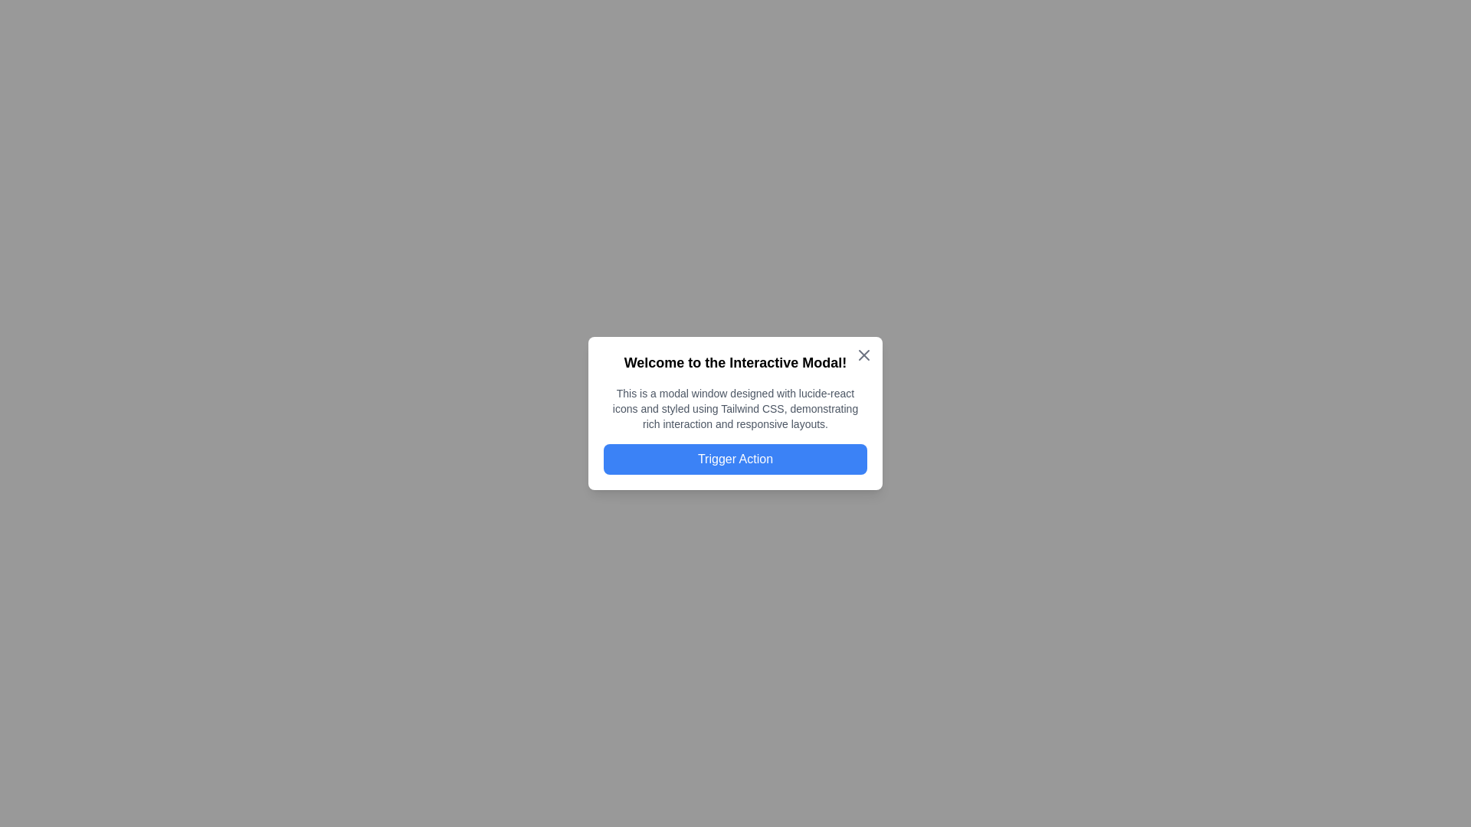  What do you see at coordinates (735, 459) in the screenshot?
I see `the button with the text 'Trigger Action', which has a blue background and white text, to observe the hover effects` at bounding box center [735, 459].